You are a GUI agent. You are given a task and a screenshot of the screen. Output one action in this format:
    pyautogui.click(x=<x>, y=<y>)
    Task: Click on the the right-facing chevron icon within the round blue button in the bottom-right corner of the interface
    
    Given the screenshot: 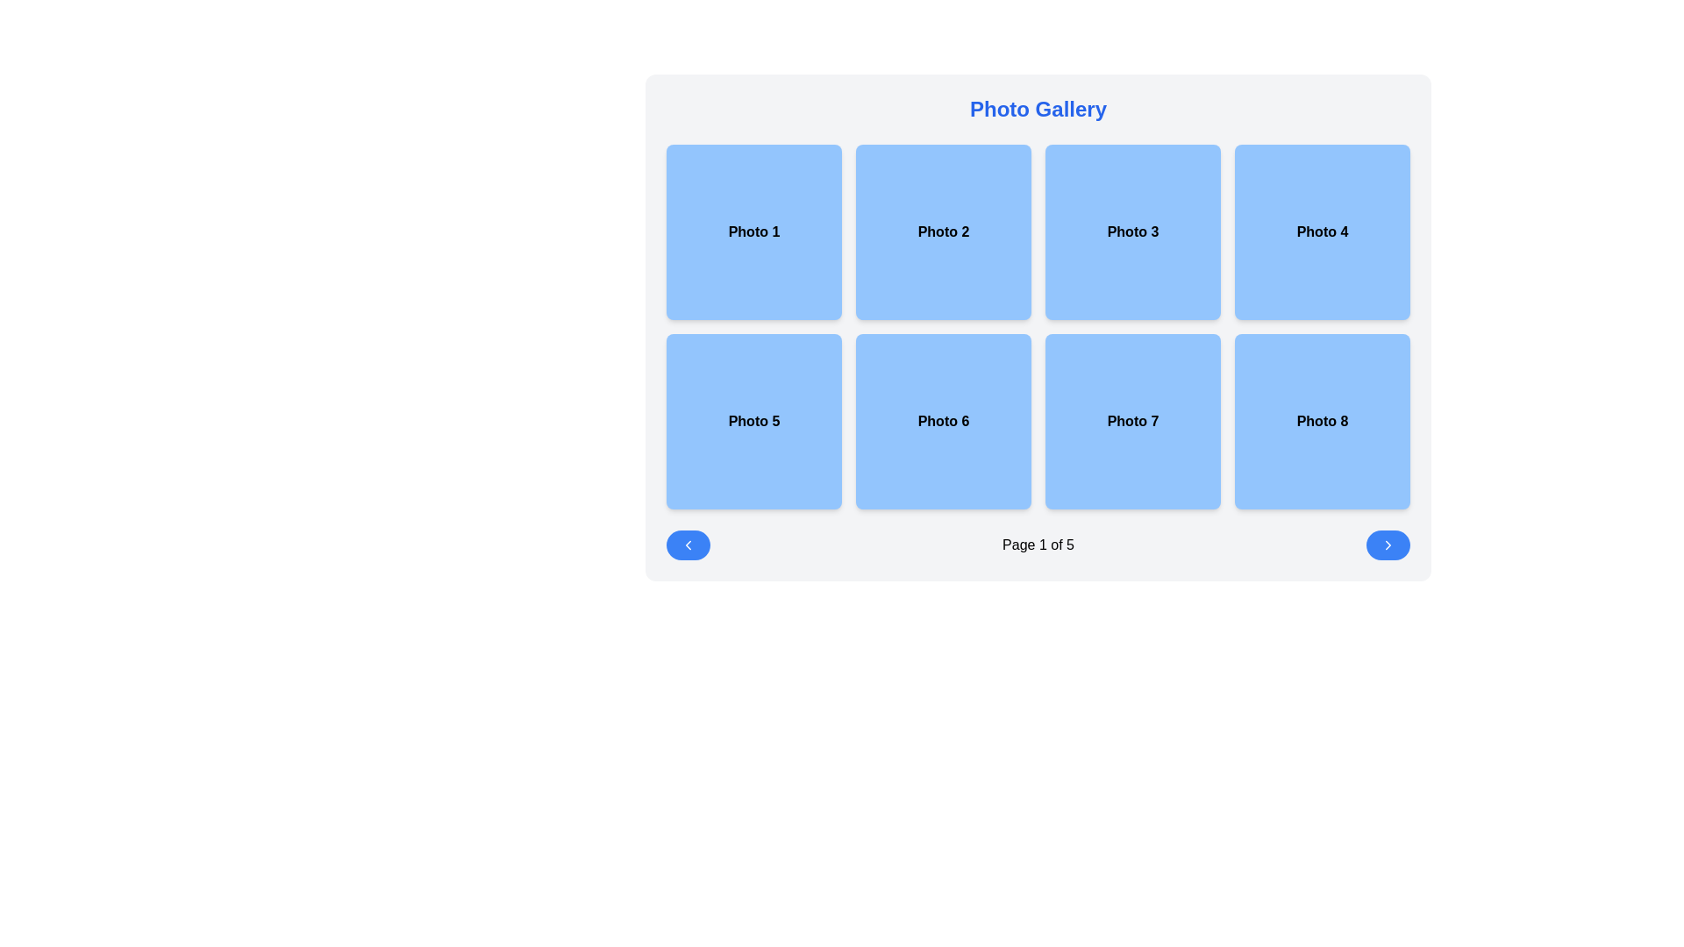 What is the action you would take?
    pyautogui.click(x=1388, y=544)
    